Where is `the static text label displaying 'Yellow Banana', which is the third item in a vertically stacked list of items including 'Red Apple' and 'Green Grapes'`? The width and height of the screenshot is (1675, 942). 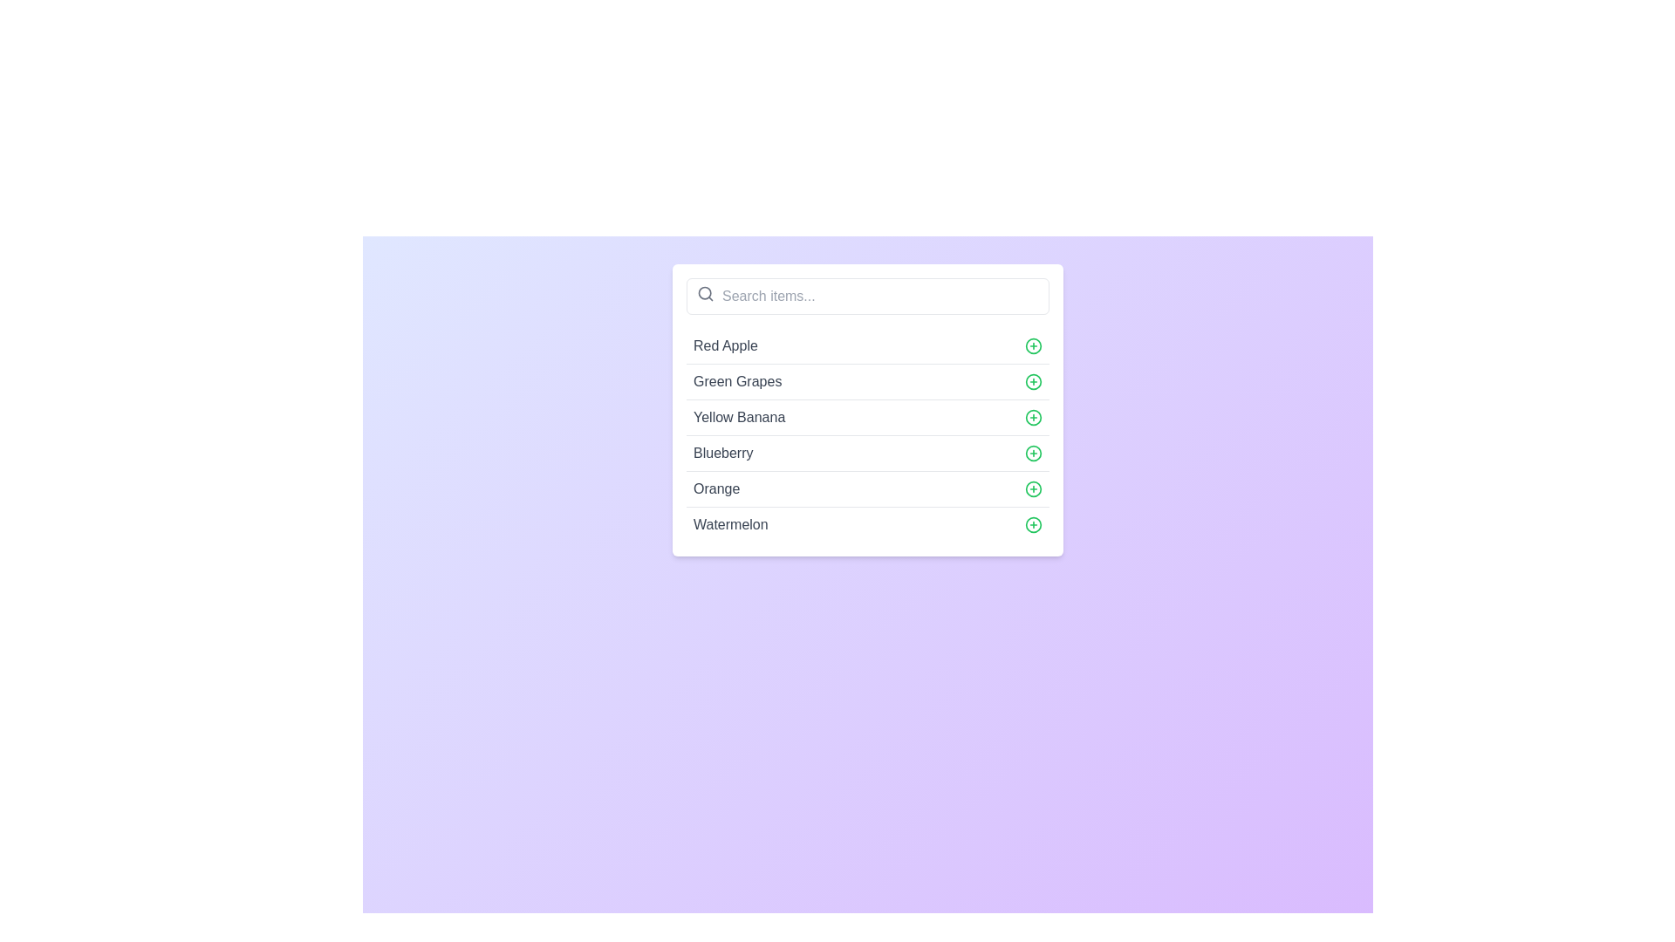 the static text label displaying 'Yellow Banana', which is the third item in a vertically stacked list of items including 'Red Apple' and 'Green Grapes' is located at coordinates (739, 417).